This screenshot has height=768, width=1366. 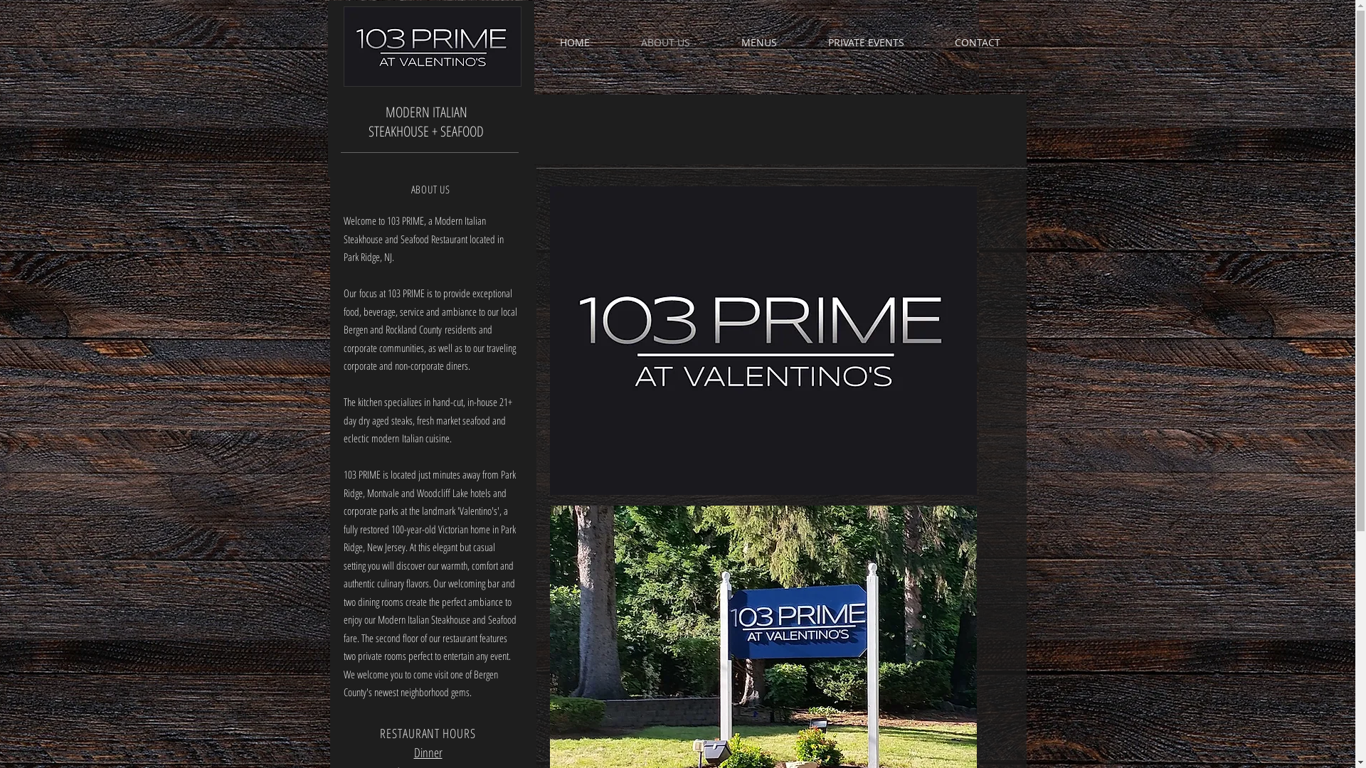 I want to click on 'HOME', so click(x=573, y=42).